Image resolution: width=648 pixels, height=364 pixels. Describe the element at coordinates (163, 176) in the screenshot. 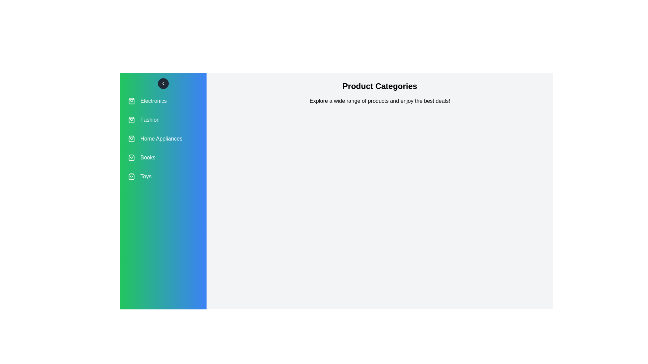

I see `the category Toys` at that location.